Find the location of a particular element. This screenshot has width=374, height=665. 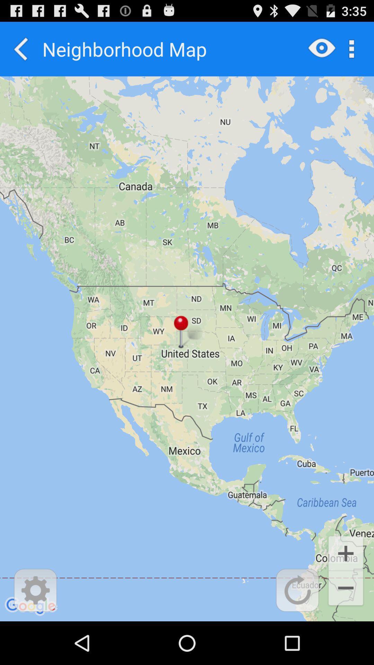

the add icon is located at coordinates (346, 591).